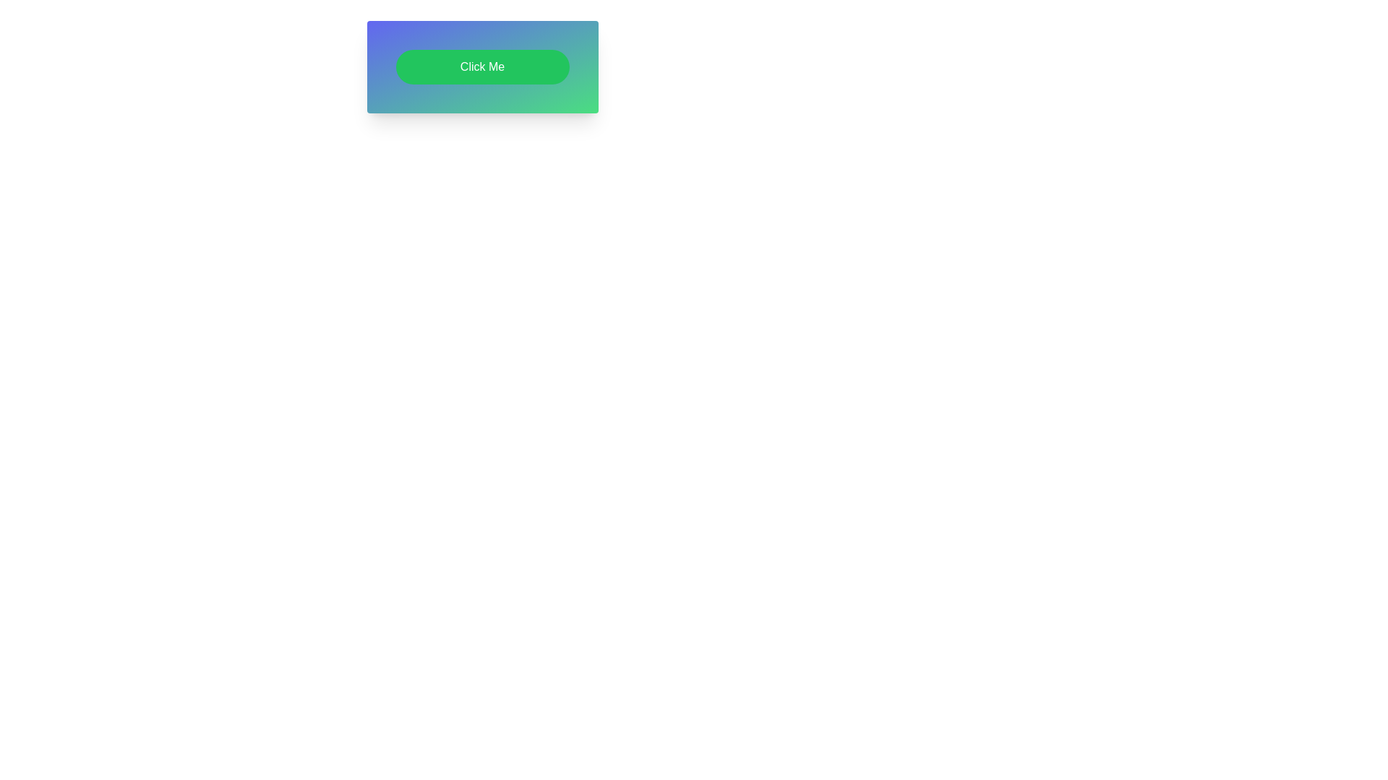 This screenshot has height=780, width=1388. Describe the element at coordinates (482, 66) in the screenshot. I see `the button labeled 'Click Me' with a green background gradient` at that location.